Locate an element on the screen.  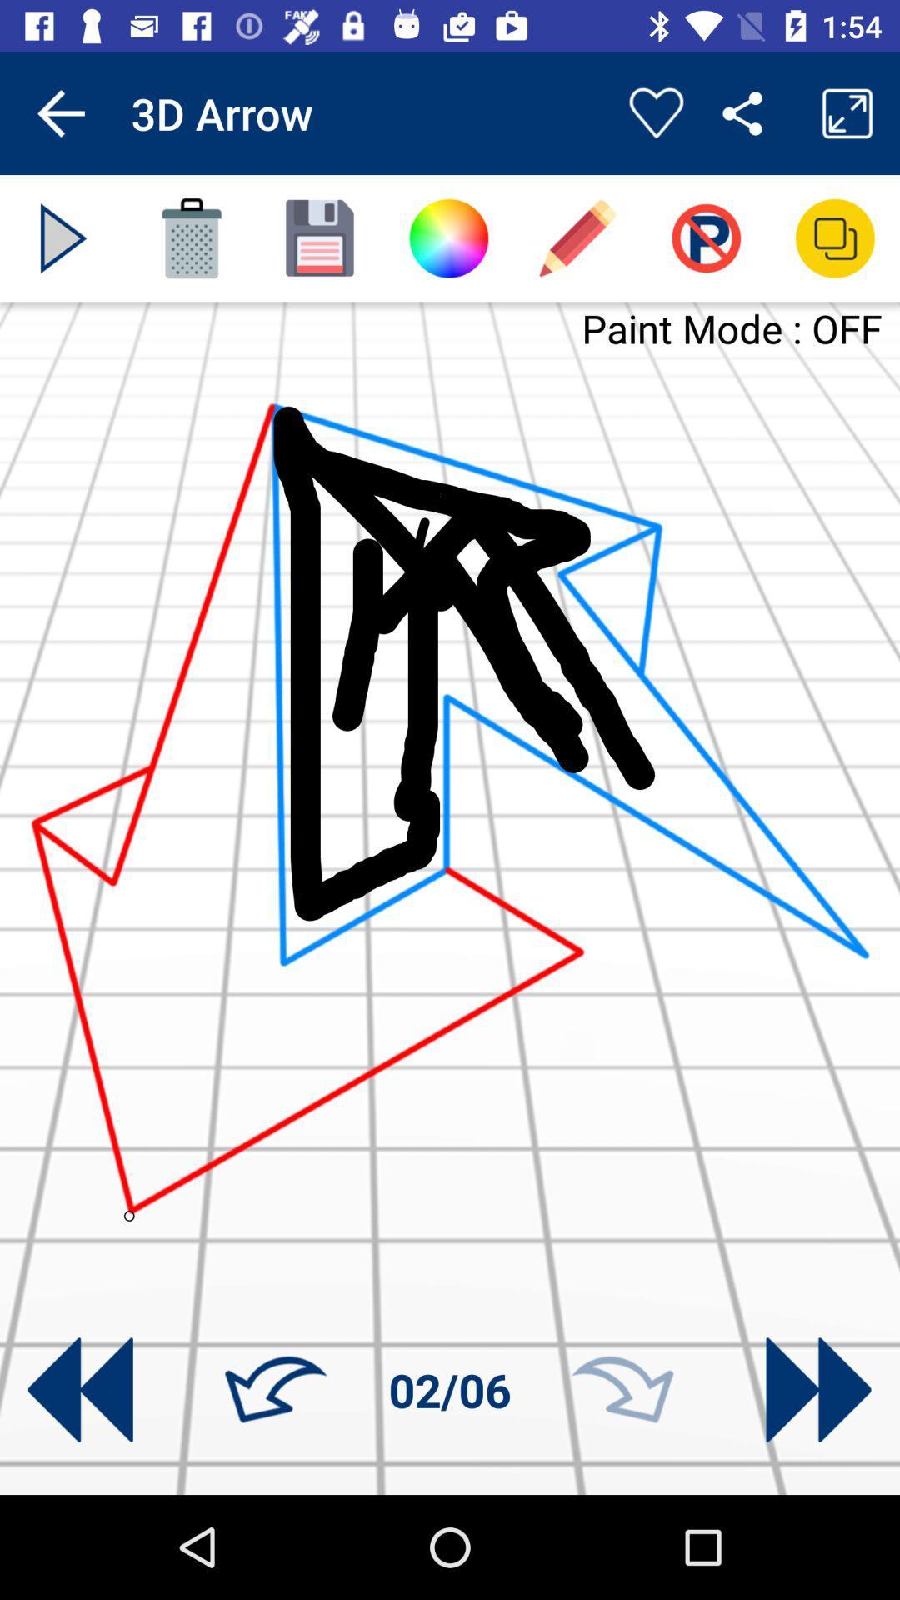
a color is located at coordinates (447, 237).